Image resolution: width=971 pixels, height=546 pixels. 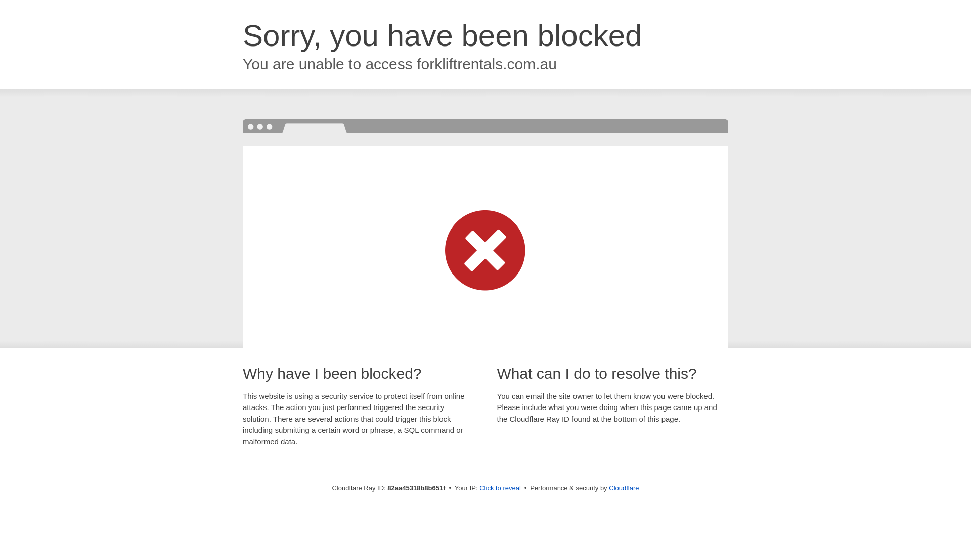 What do you see at coordinates (608, 487) in the screenshot?
I see `'Cloudflare'` at bounding box center [608, 487].